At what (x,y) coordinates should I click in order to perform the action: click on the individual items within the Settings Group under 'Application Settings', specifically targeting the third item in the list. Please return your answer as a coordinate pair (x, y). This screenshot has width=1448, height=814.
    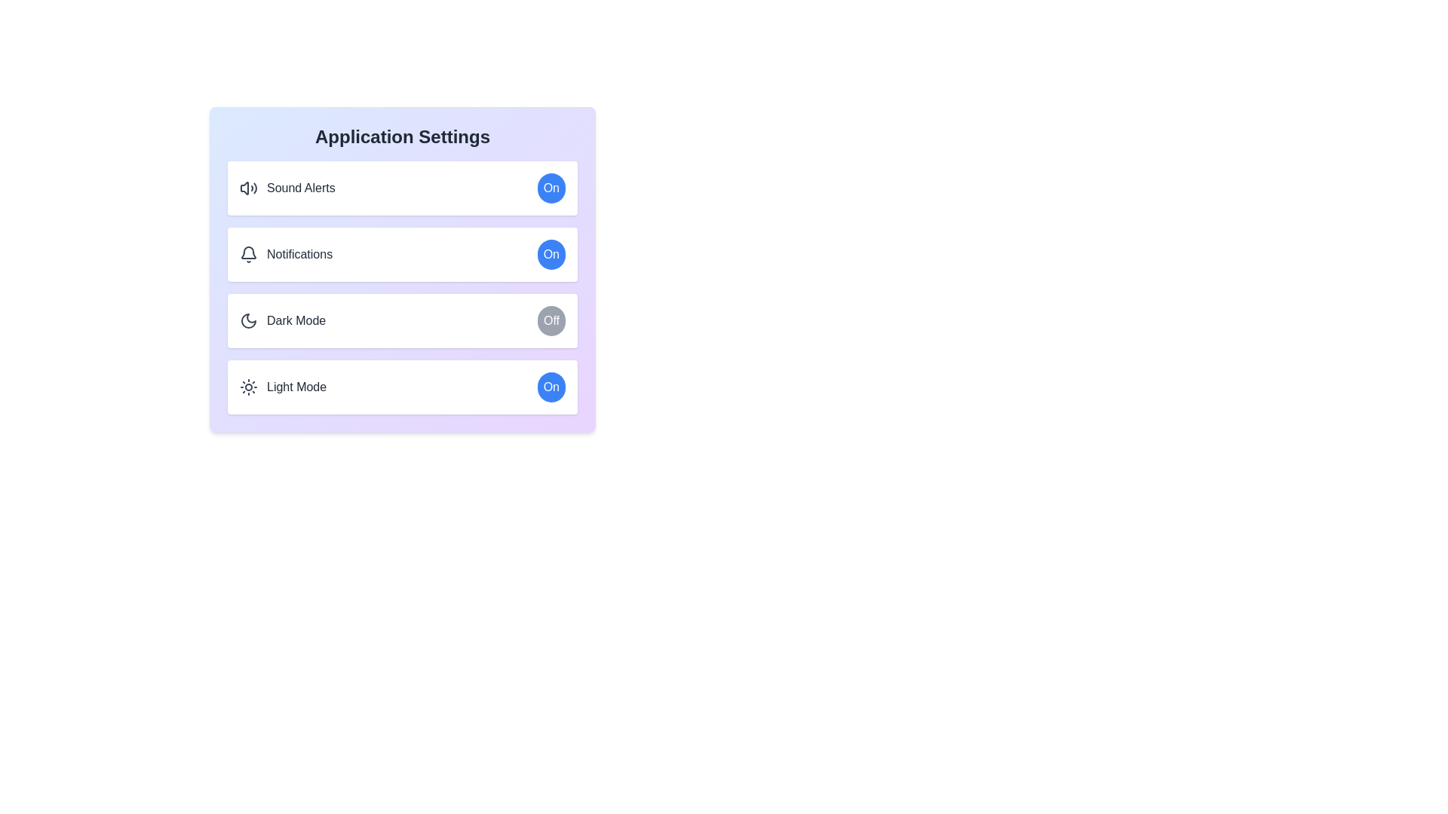
    Looking at the image, I should click on (402, 287).